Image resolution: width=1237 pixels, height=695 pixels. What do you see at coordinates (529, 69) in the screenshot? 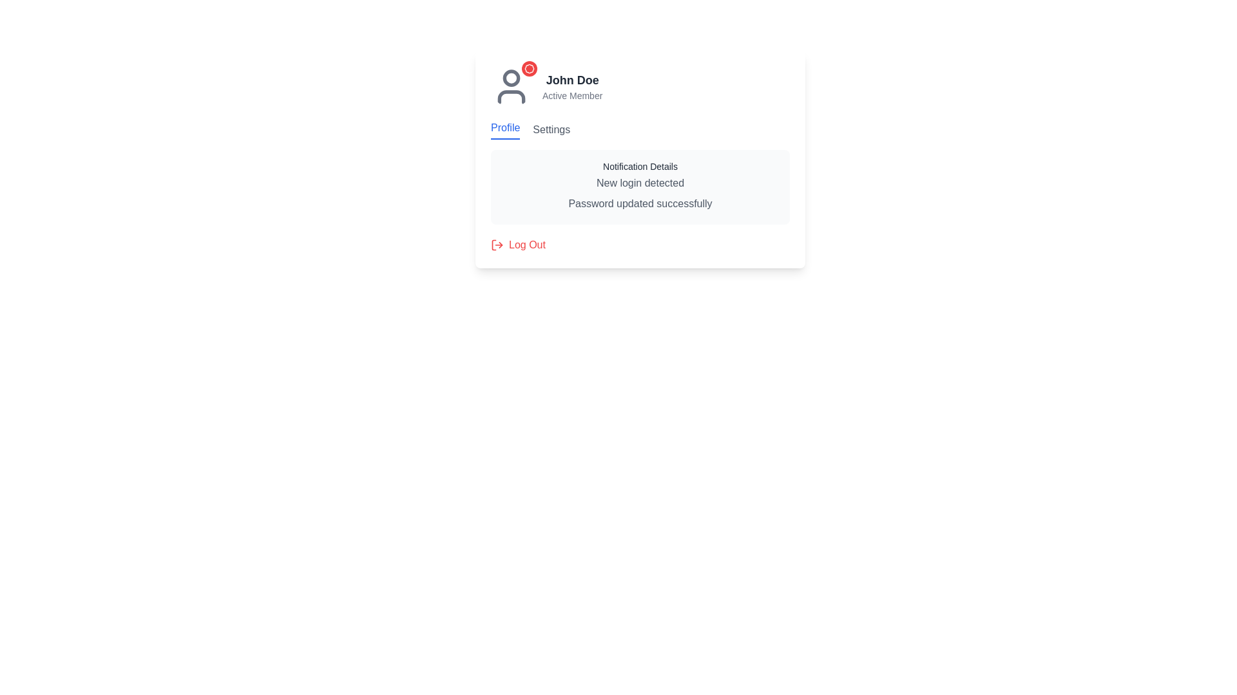
I see `the red Notification badge icon located at the upper-right edge of the profile picture icon` at bounding box center [529, 69].